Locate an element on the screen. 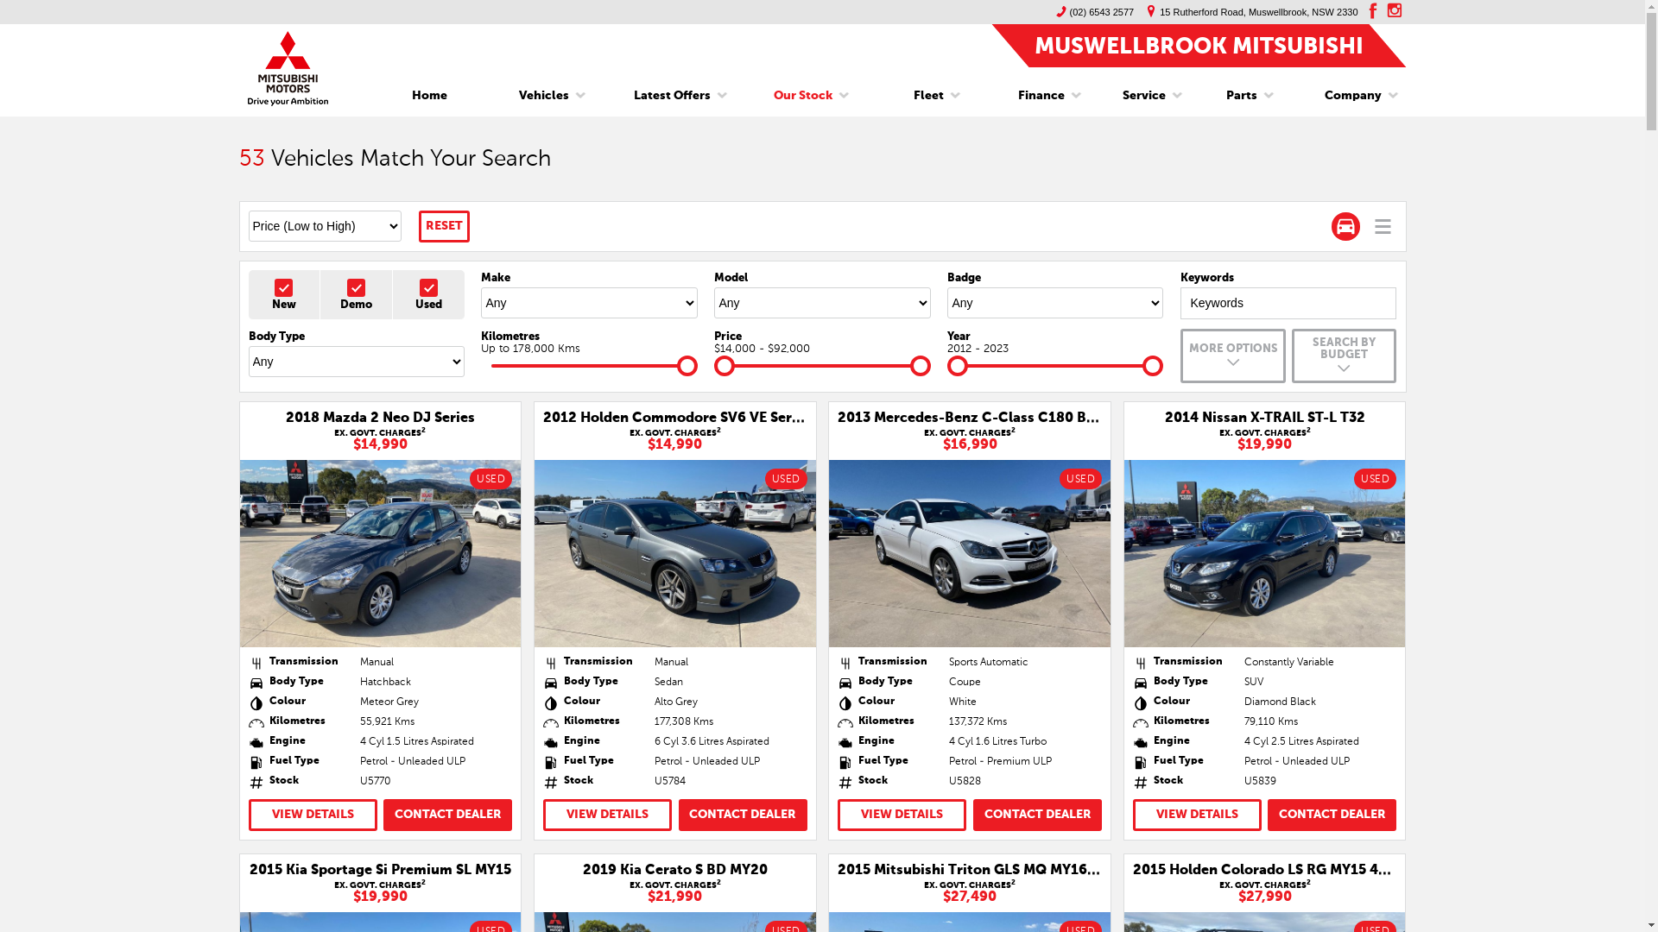  'EX. GOVT. CHARGES2 is located at coordinates (674, 438).